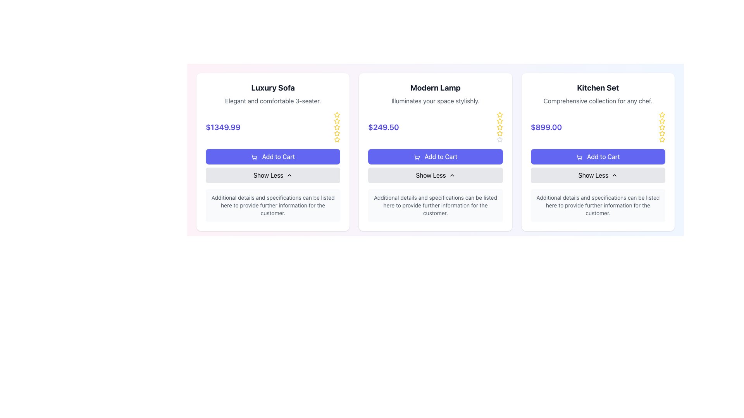 The height and width of the screenshot is (418, 744). Describe the element at coordinates (273, 152) in the screenshot. I see `the 'Add to Cart' button on the 'Luxury Sofa' product card, which is the first item in the product list` at that location.